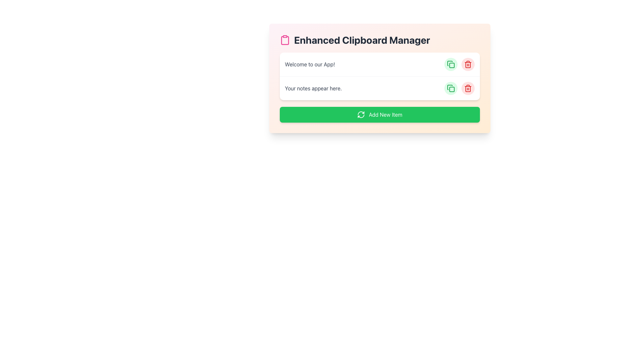  What do you see at coordinates (467, 88) in the screenshot?
I see `the circular delete button with a light red background and a trash can icon` at bounding box center [467, 88].